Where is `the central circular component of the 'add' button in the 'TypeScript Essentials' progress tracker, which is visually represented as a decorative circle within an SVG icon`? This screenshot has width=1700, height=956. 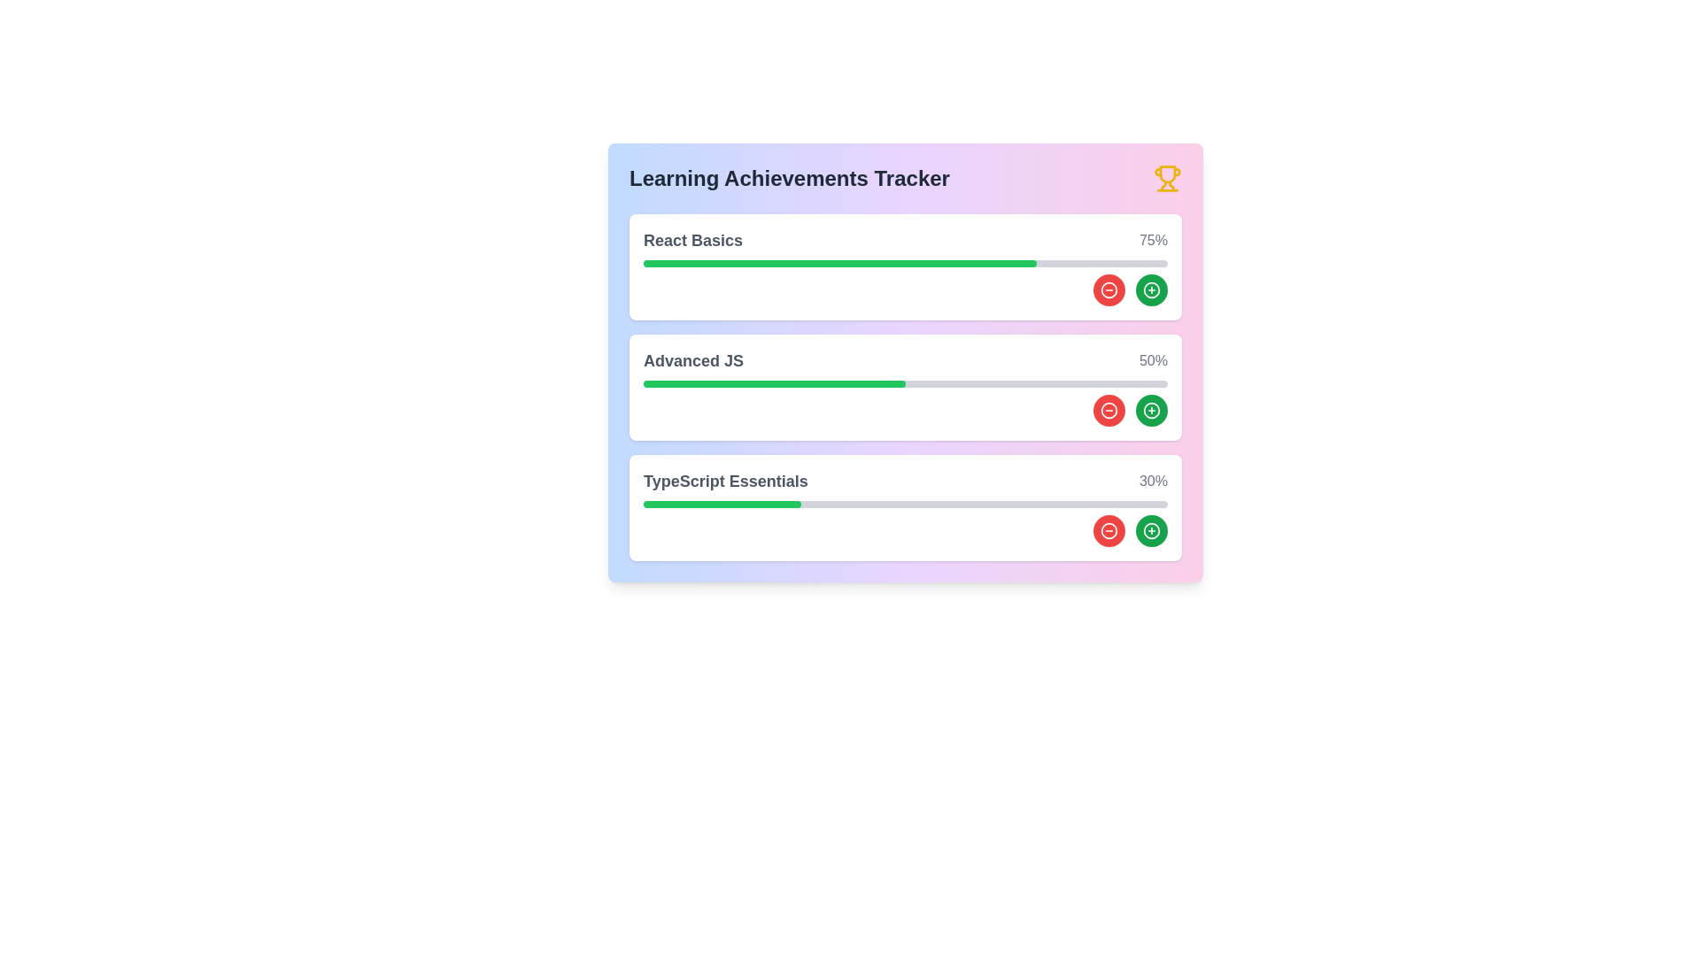
the central circular component of the 'add' button in the 'TypeScript Essentials' progress tracker, which is visually represented as a decorative circle within an SVG icon is located at coordinates (1151, 530).